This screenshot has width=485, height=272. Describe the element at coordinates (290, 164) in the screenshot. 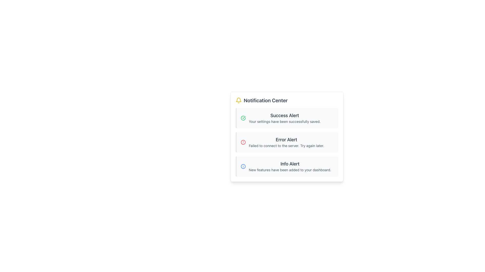

I see `the 'Info Alert' header in the notification section, which serves as a title for the associated informational notification` at that location.